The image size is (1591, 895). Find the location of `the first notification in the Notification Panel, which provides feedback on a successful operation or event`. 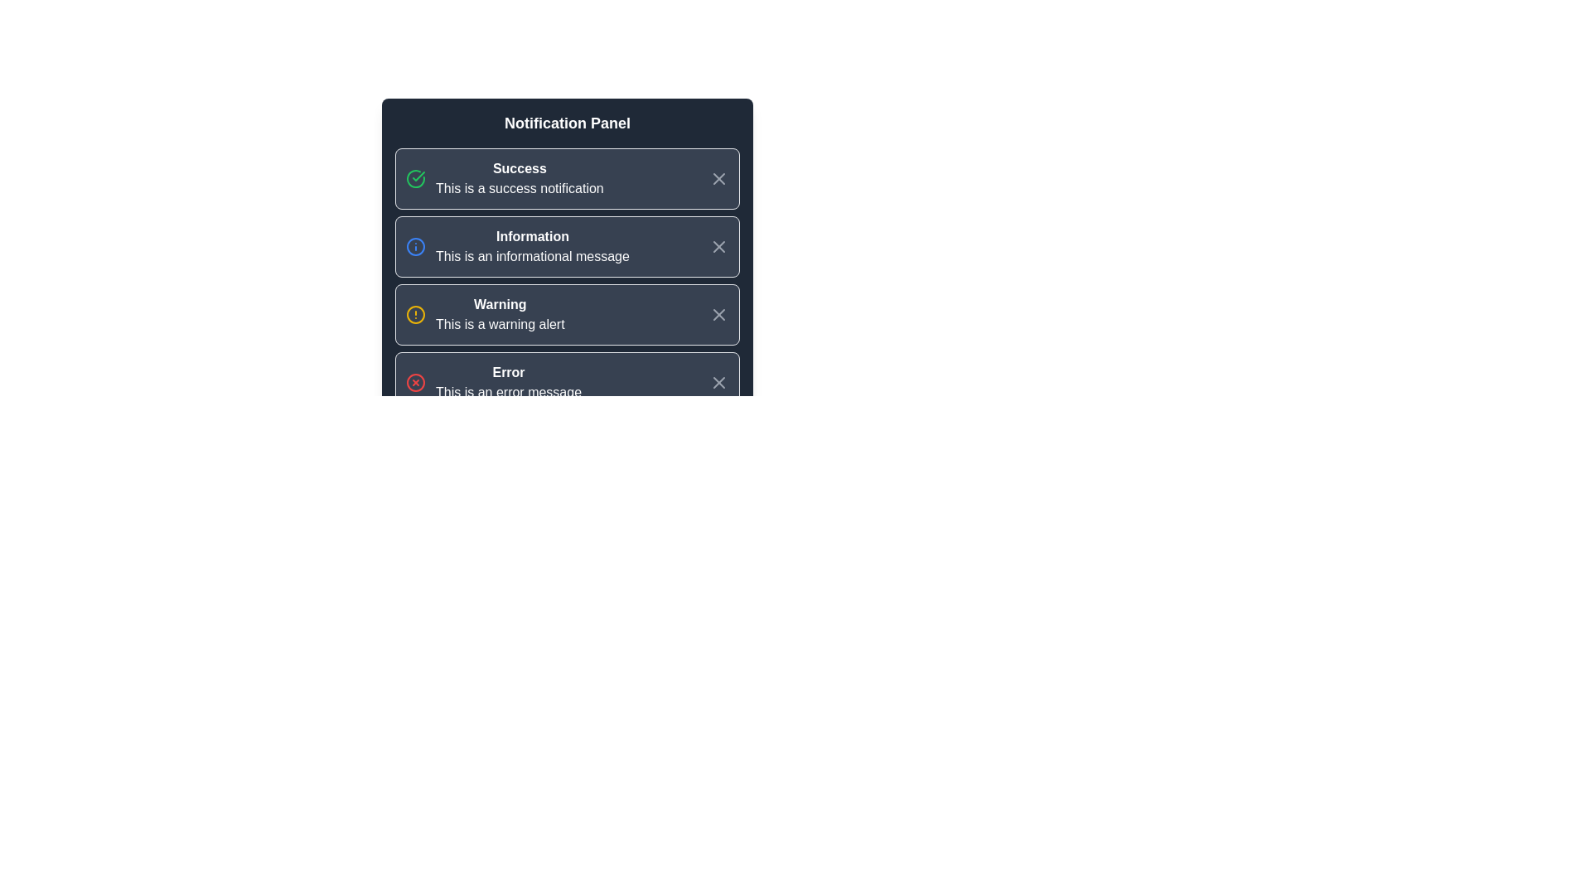

the first notification in the Notification Panel, which provides feedback on a successful operation or event is located at coordinates (504, 179).